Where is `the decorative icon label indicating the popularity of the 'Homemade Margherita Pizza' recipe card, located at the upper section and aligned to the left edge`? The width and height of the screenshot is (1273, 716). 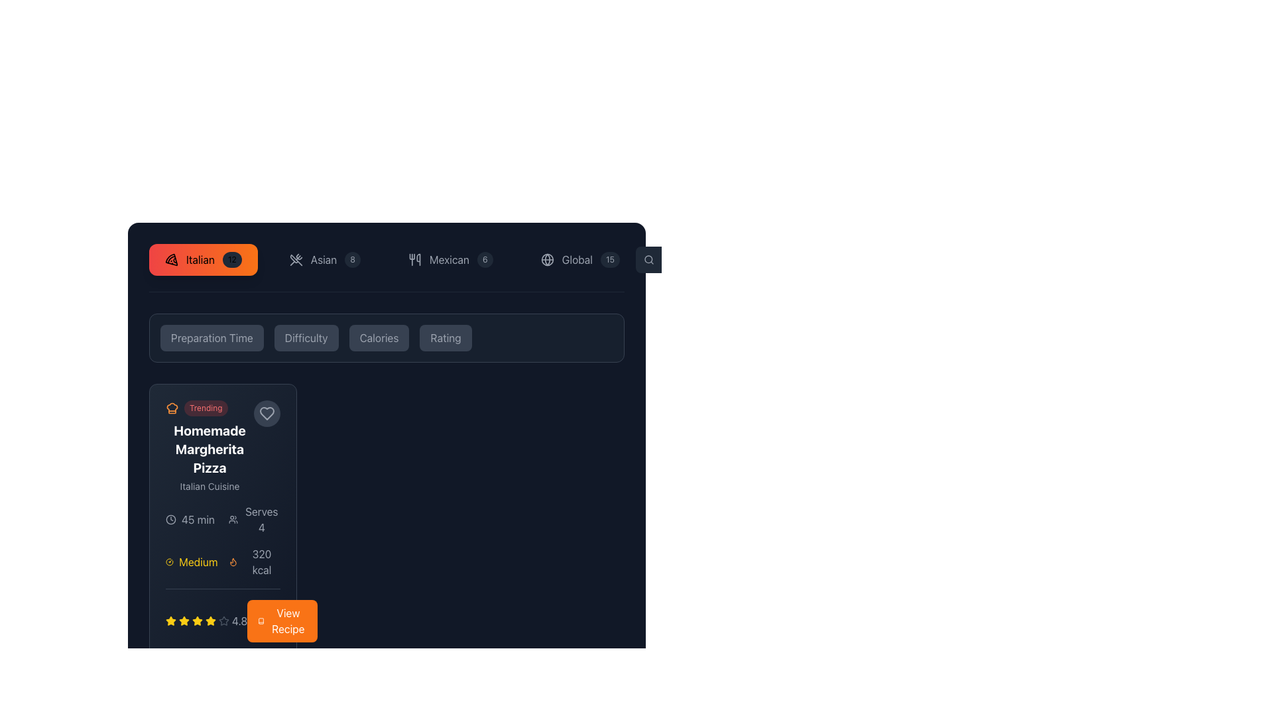 the decorative icon label indicating the popularity of the 'Homemade Margherita Pizza' recipe card, located at the upper section and aligned to the left edge is located at coordinates (209, 408).